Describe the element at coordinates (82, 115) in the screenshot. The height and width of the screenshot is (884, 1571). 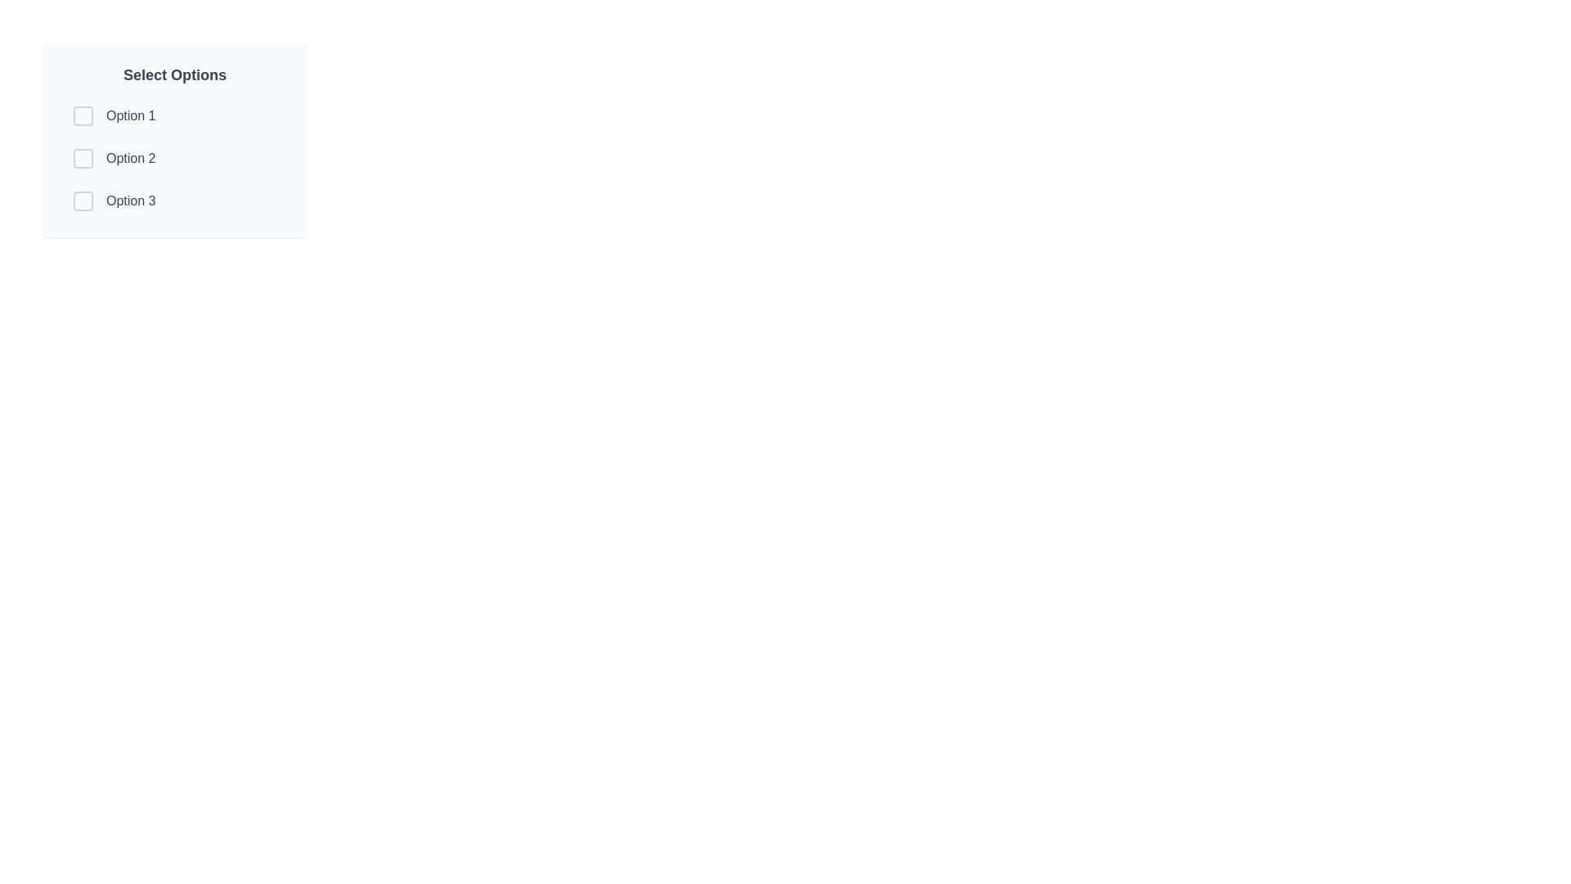
I see `the checkbox for 'Option 1'` at that location.